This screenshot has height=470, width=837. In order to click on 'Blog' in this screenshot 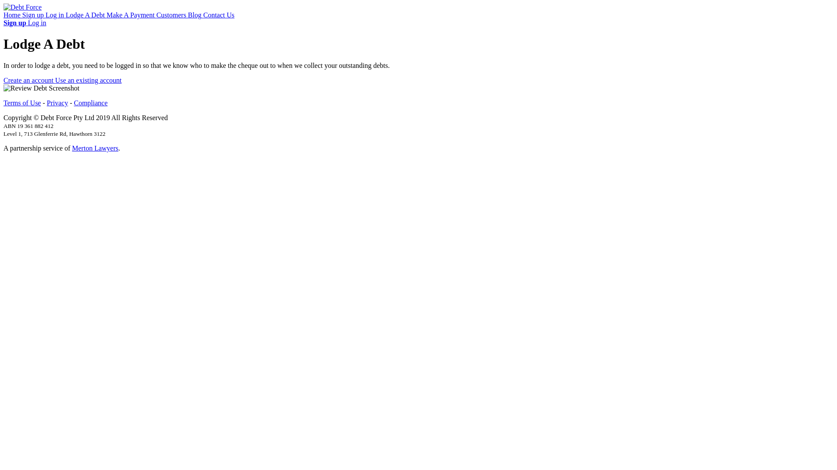, I will do `click(195, 15)`.